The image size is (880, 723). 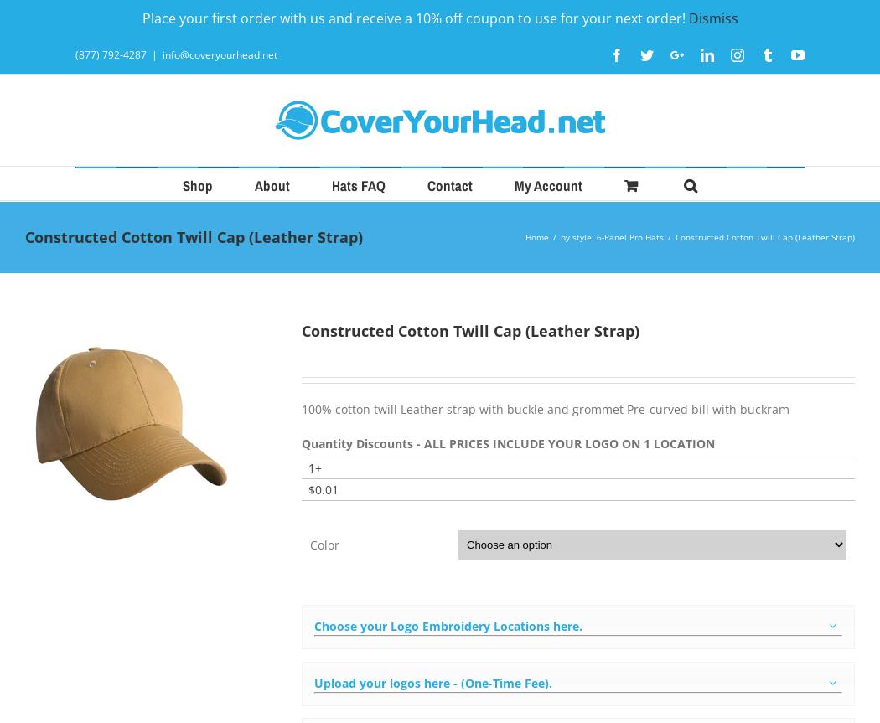 I want to click on 'New Era', so click(x=349, y=367).